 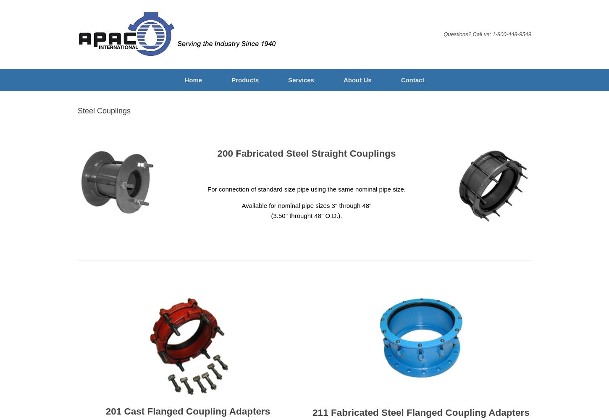 I want to click on 'Questions? Call us: 1-800-448-9549', so click(x=487, y=34).